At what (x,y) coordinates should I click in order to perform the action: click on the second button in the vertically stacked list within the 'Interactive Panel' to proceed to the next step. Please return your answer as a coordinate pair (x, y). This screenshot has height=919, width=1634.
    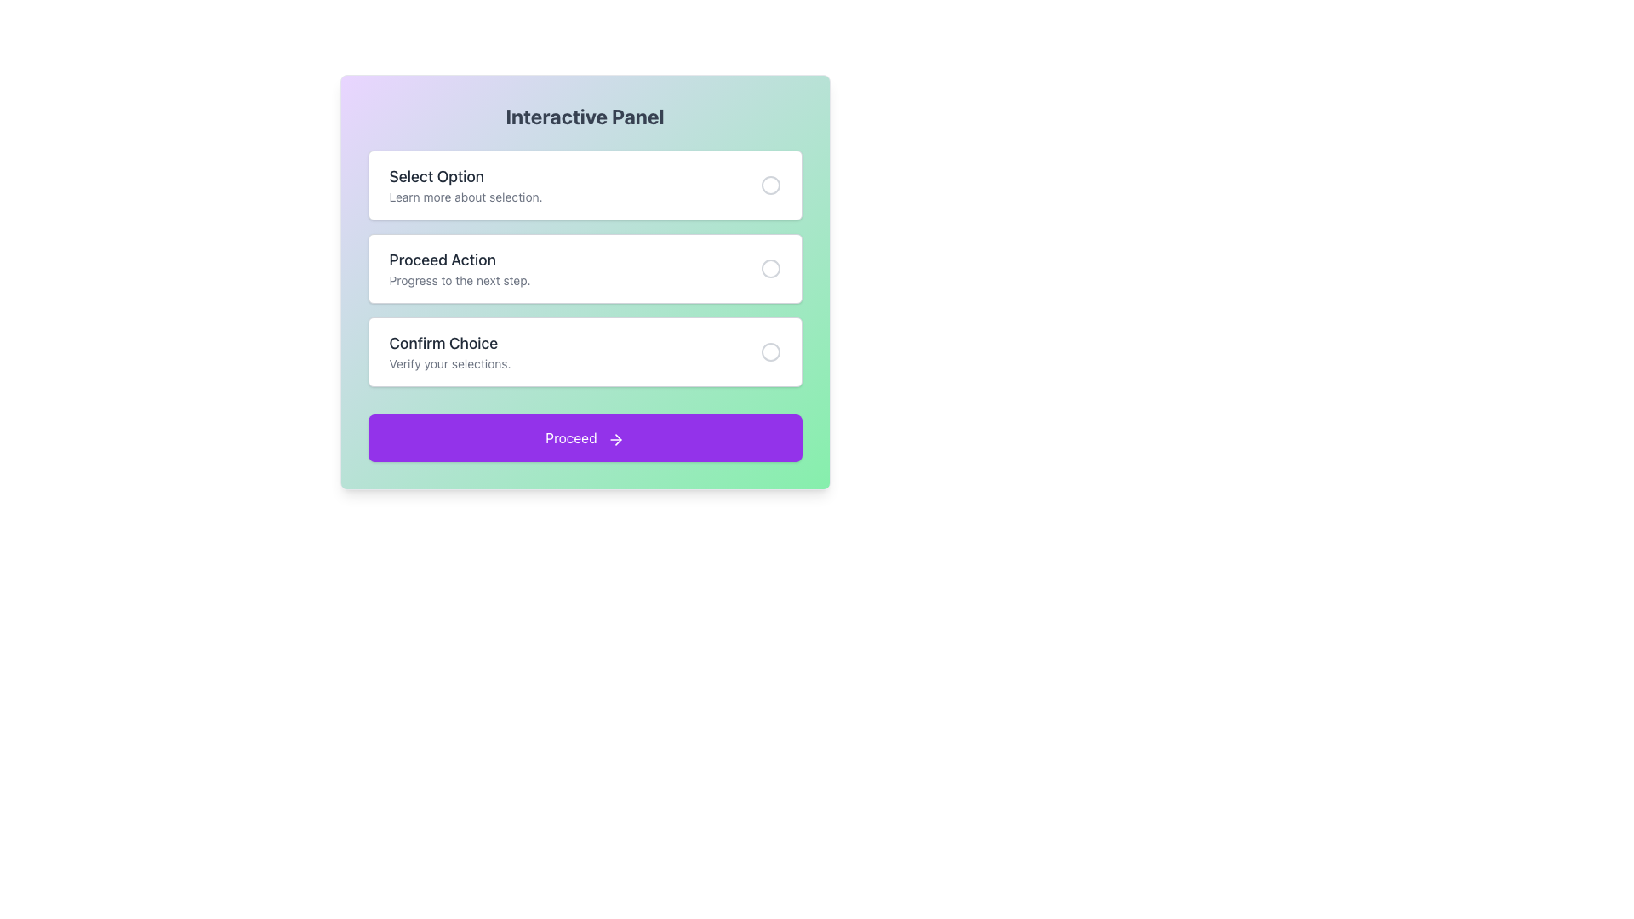
    Looking at the image, I should click on (585, 268).